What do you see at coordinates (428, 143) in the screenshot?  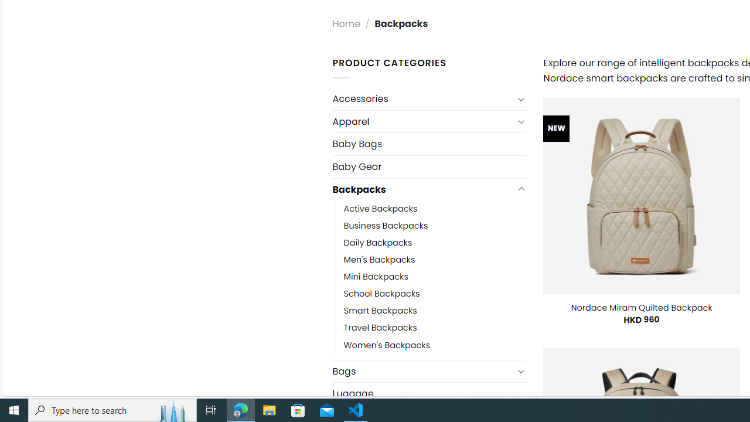 I see `'Baby Bags'` at bounding box center [428, 143].